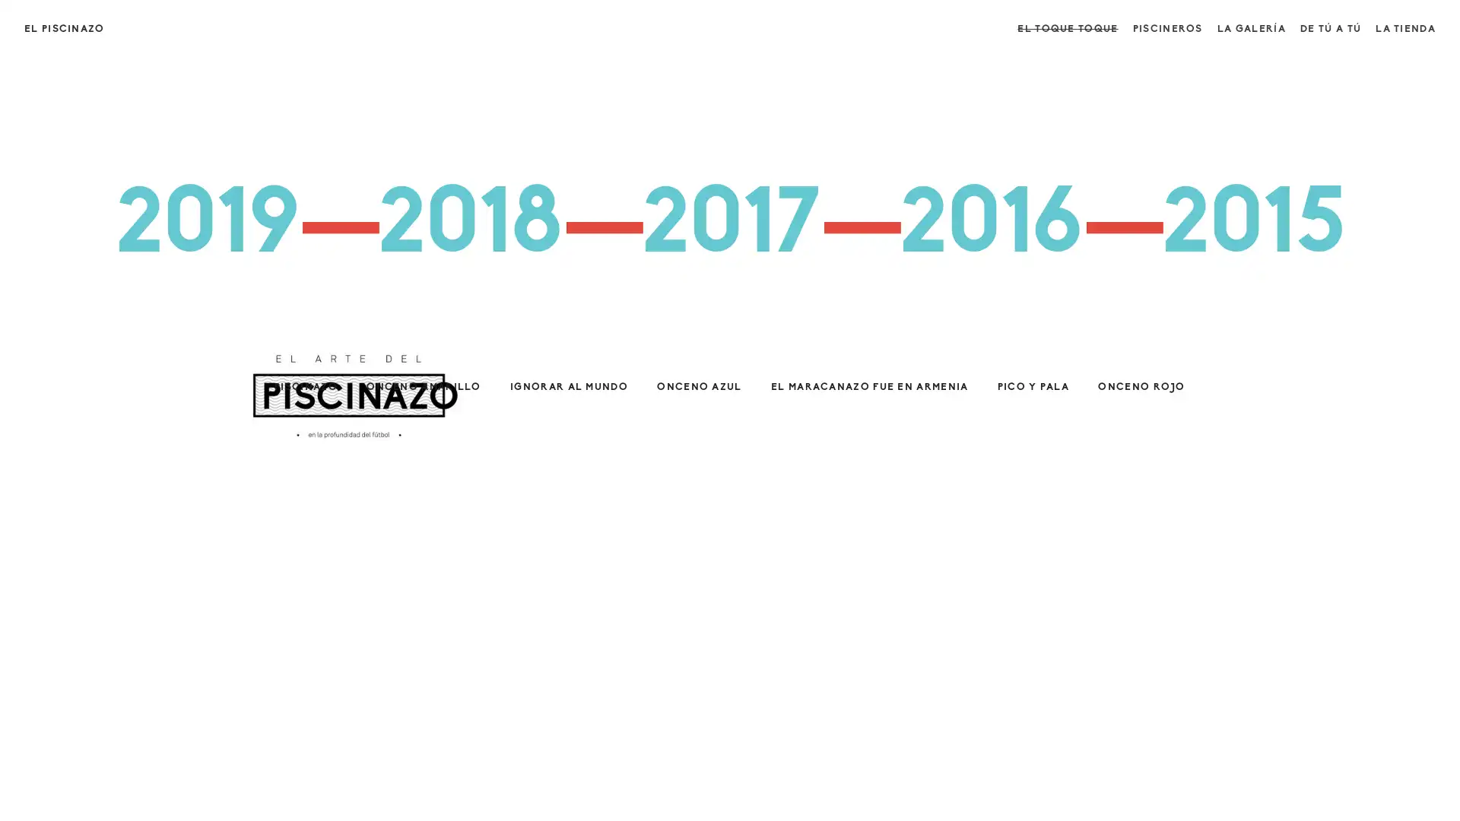  What do you see at coordinates (1287, 707) in the screenshot?
I see `SUSCRIBETE` at bounding box center [1287, 707].